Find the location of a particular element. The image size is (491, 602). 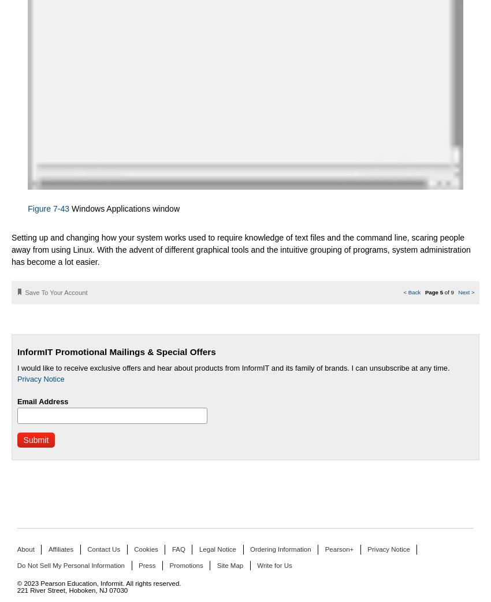

'FAQ' is located at coordinates (170, 549).